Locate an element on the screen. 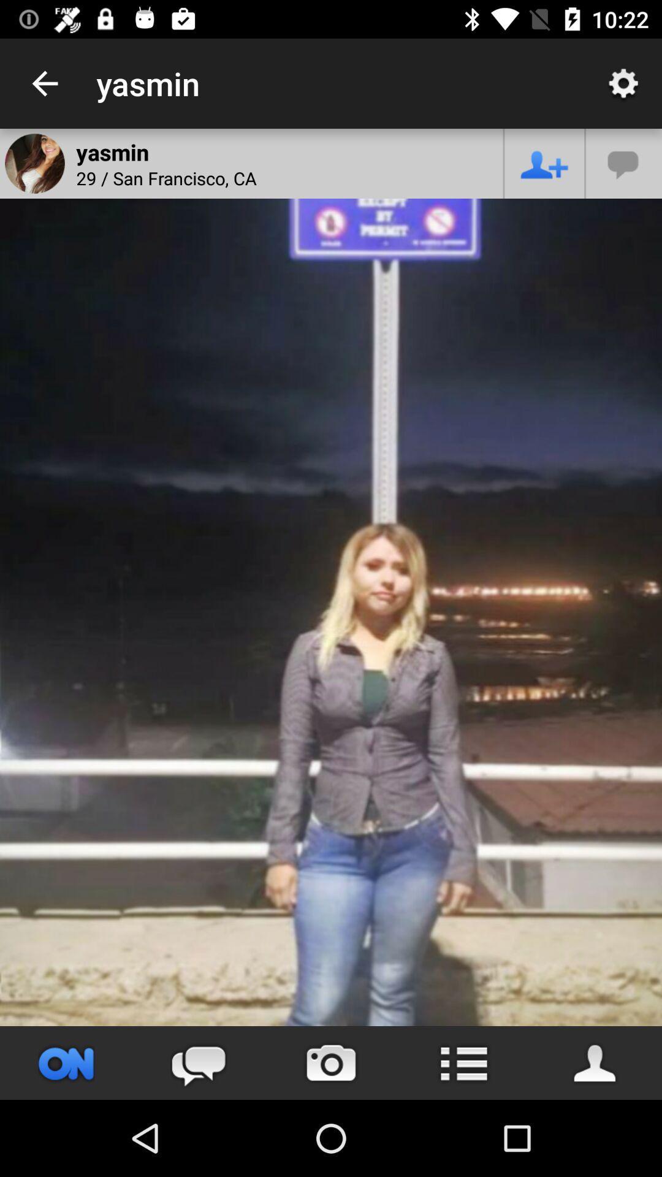 This screenshot has height=1177, width=662. person is located at coordinates (595, 1062).